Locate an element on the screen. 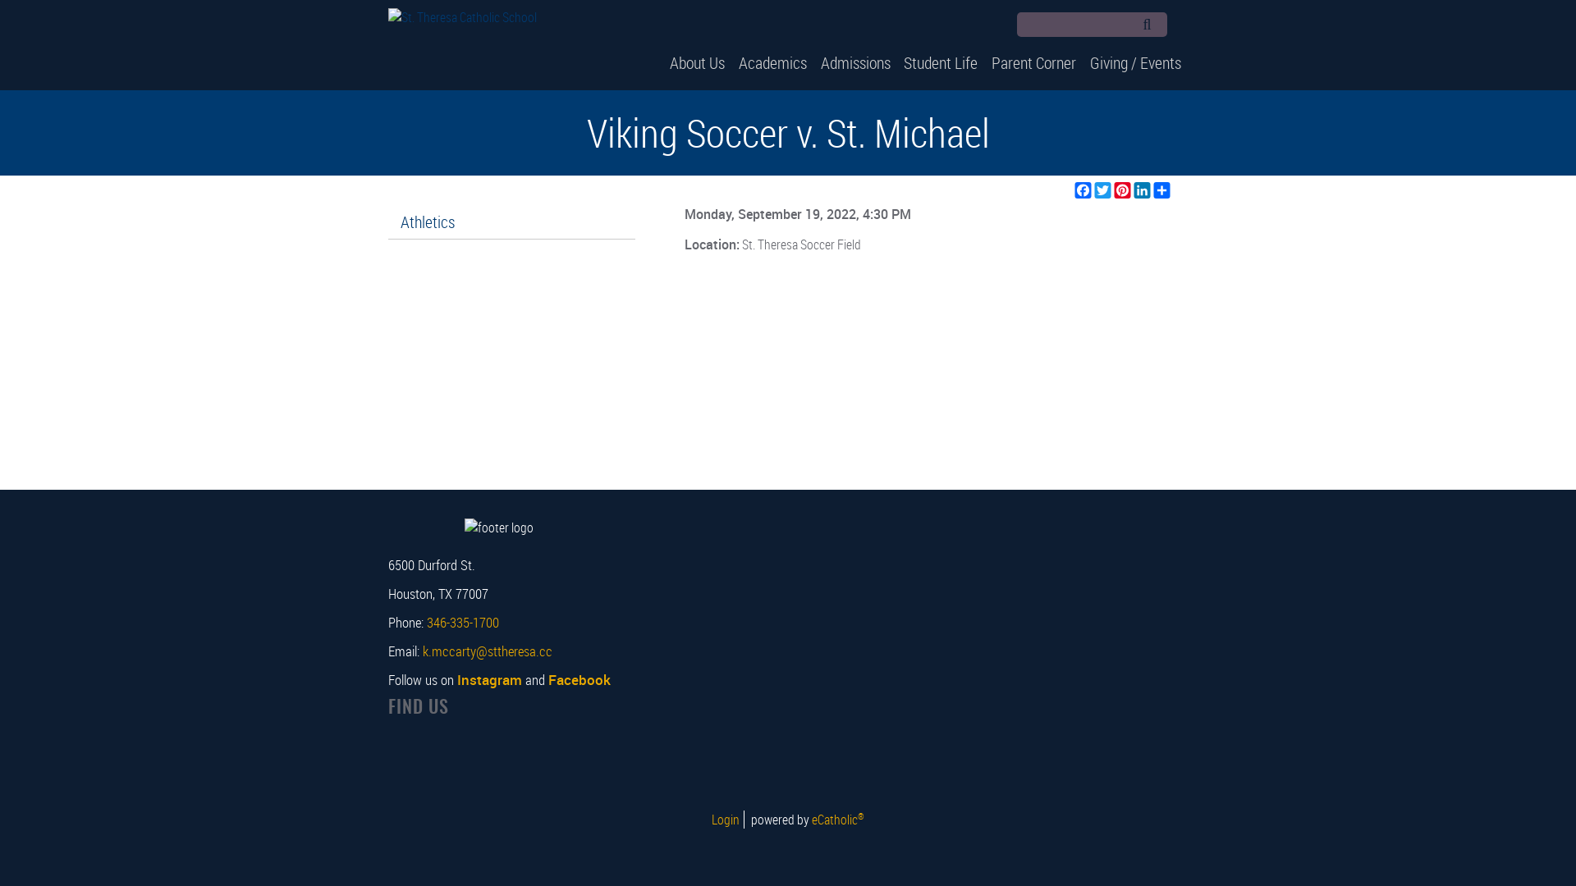 This screenshot has width=1576, height=886. 'Facebook' is located at coordinates (1182, 25).